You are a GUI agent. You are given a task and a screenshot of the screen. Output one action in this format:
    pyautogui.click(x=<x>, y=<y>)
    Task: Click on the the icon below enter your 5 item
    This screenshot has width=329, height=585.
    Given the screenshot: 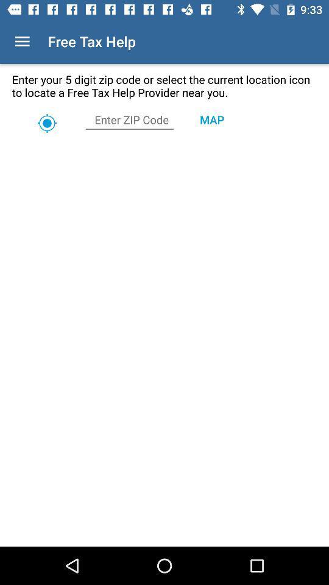 What is the action you would take?
    pyautogui.click(x=211, y=119)
    